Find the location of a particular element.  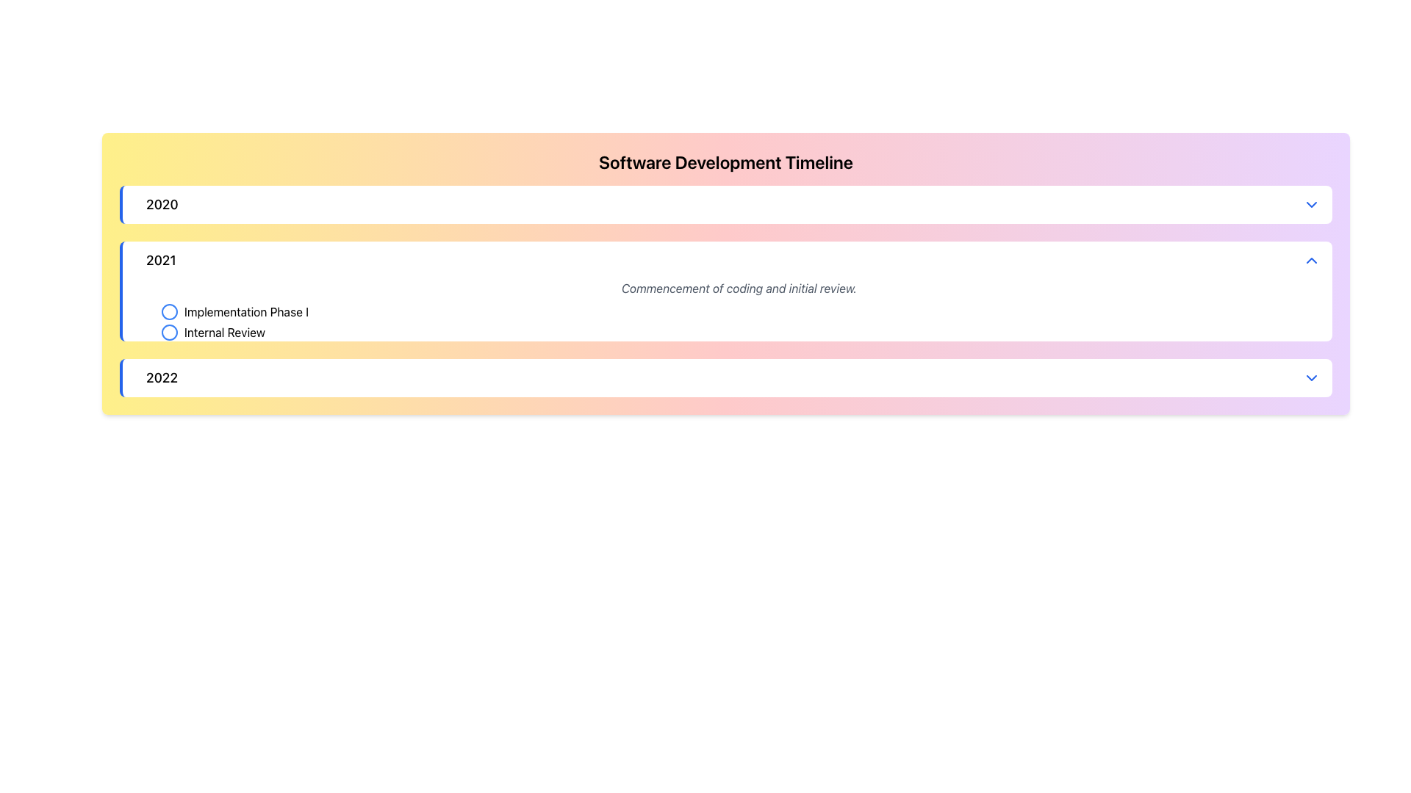

the static text label indicating the timeline year '2020' is located at coordinates (162, 204).